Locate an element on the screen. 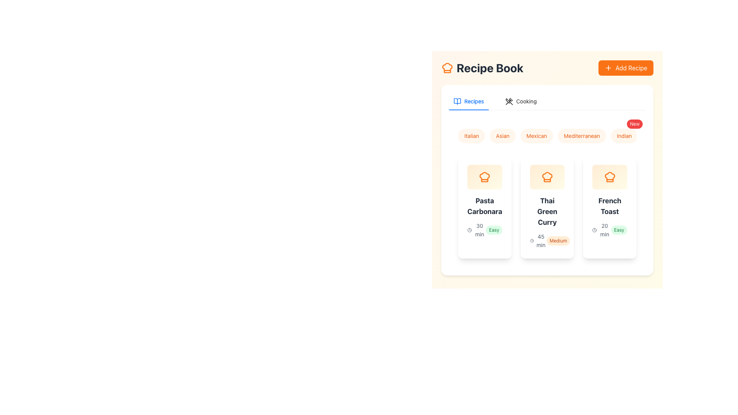 The height and width of the screenshot is (415, 738). the 'Add Recipe' button with rounded corners, bright orange background, and white text is located at coordinates (626, 68).